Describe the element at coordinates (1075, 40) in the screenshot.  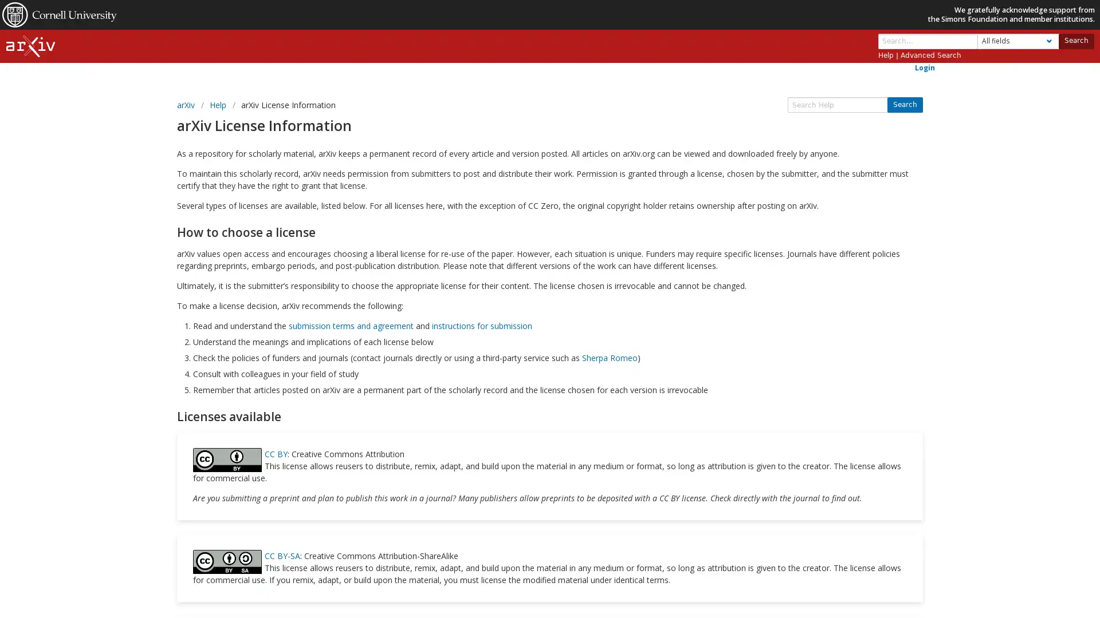
I see `Search` at that location.